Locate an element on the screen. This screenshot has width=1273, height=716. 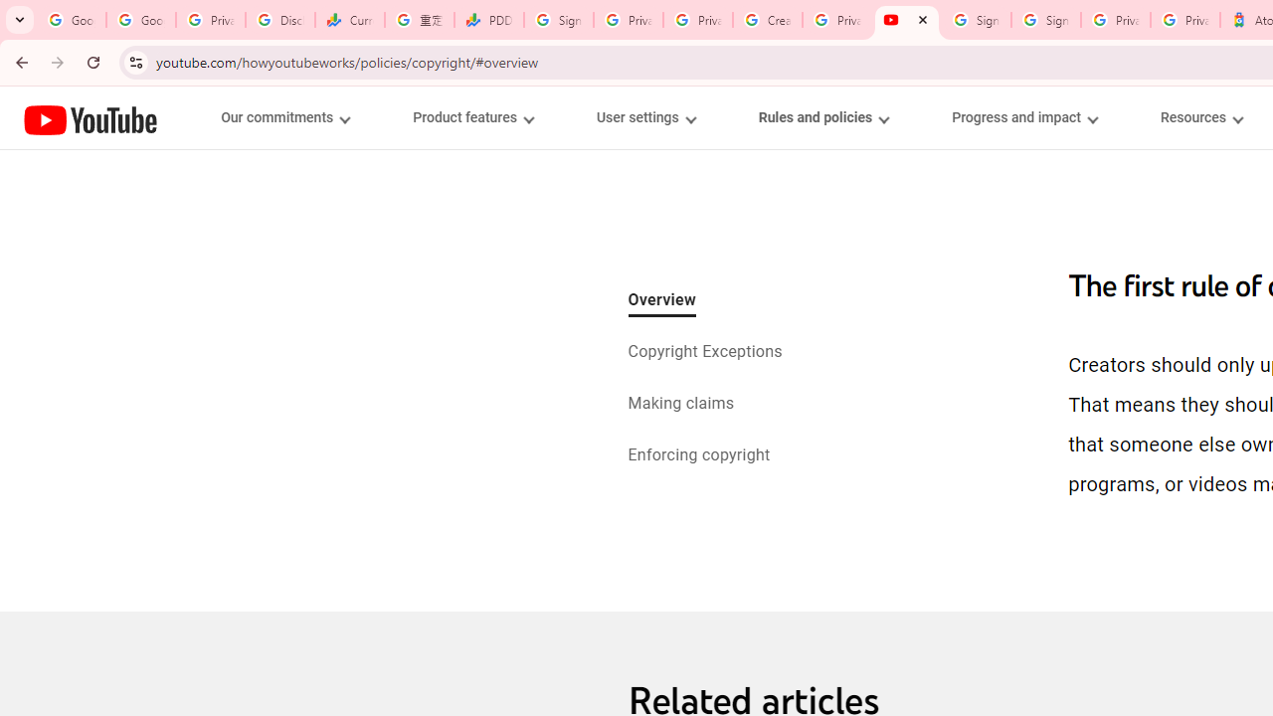
'Currencies - Google Finance' is located at coordinates (350, 20).